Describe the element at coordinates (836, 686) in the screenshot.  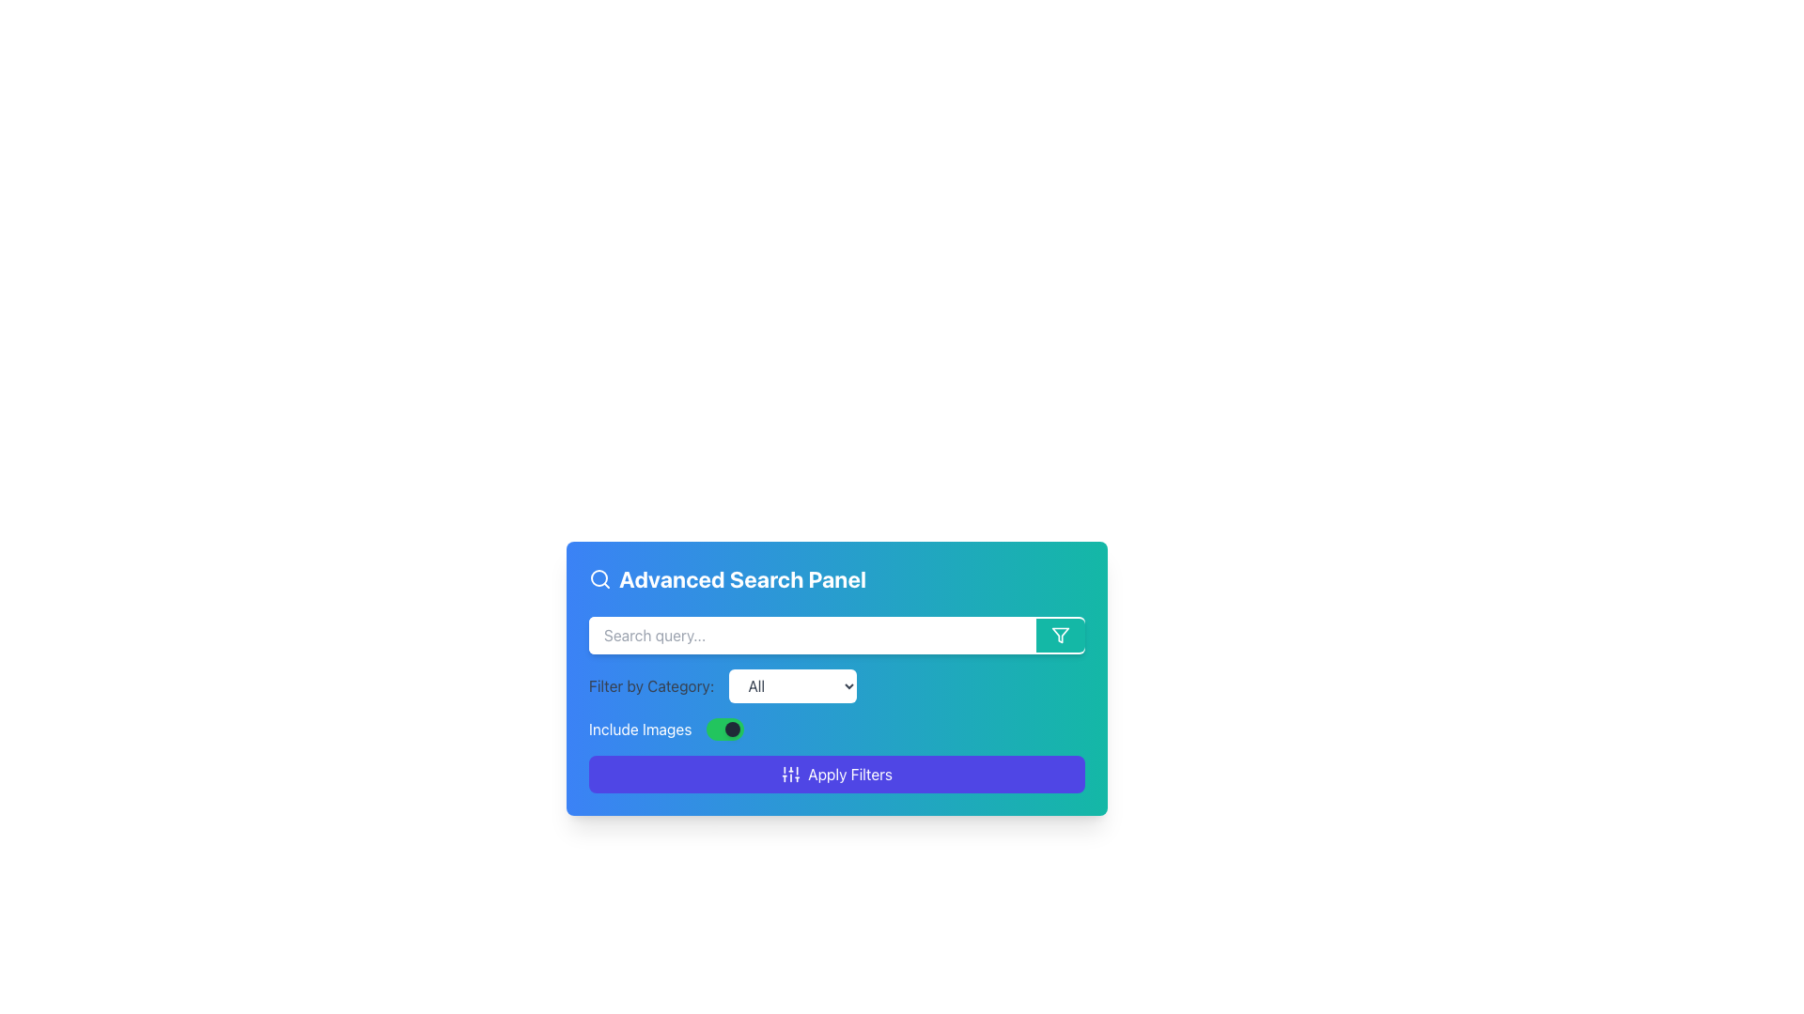
I see `the dropdown menu located in the center of the 'Advanced Search Panel'` at that location.